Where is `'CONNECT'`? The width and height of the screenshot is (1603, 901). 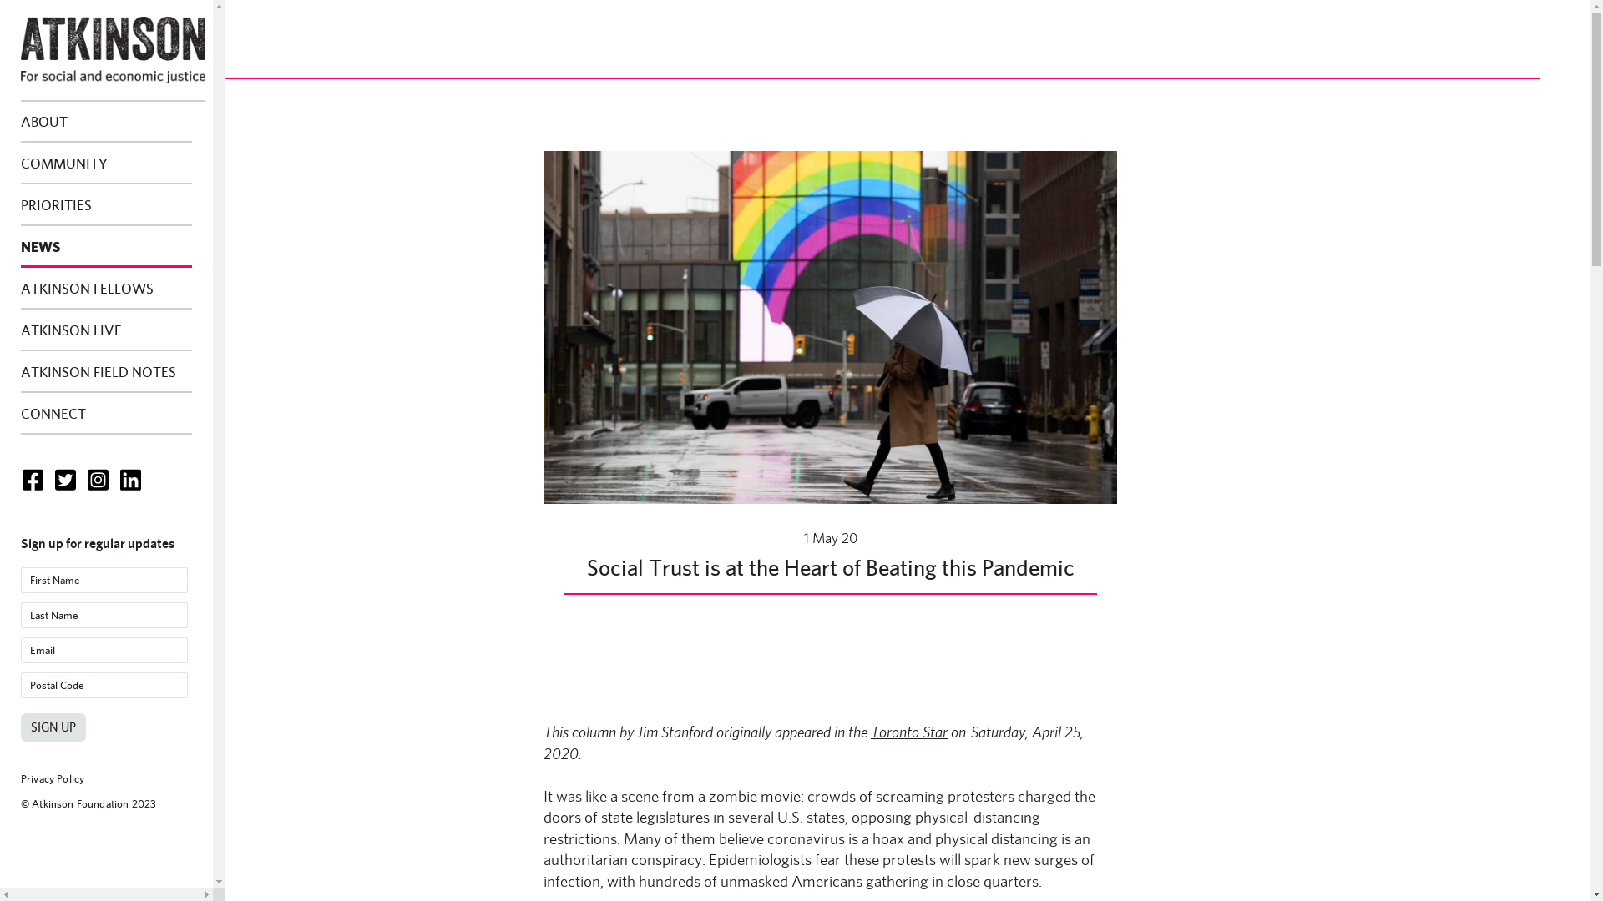
'CONNECT' is located at coordinates (20, 413).